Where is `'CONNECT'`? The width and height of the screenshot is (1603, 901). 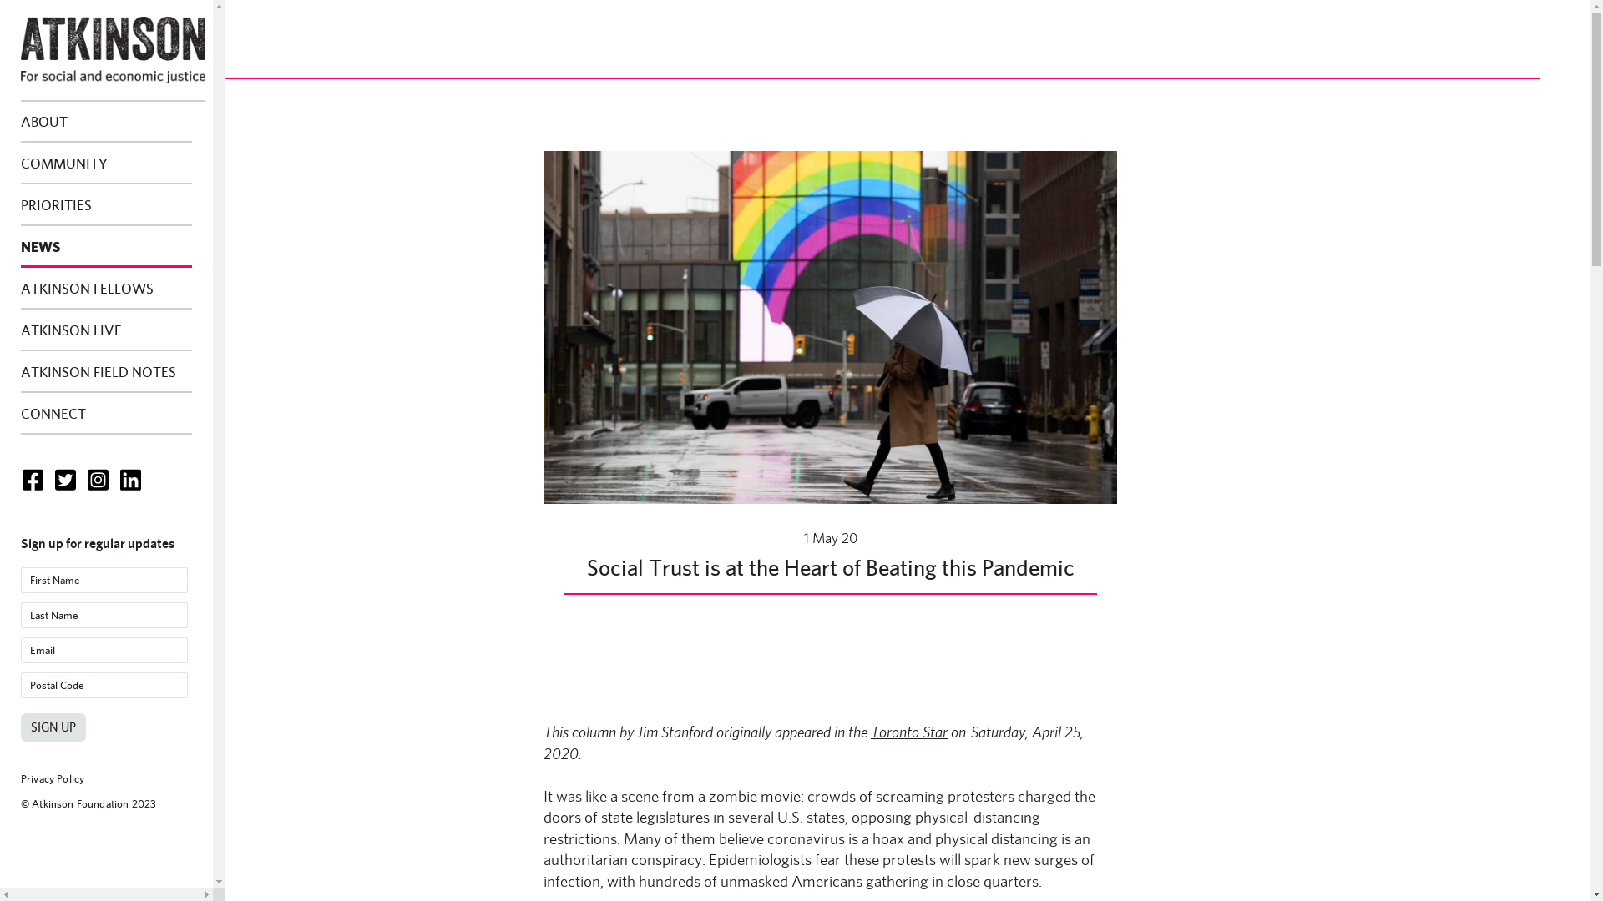
'CONNECT' is located at coordinates (20, 413).